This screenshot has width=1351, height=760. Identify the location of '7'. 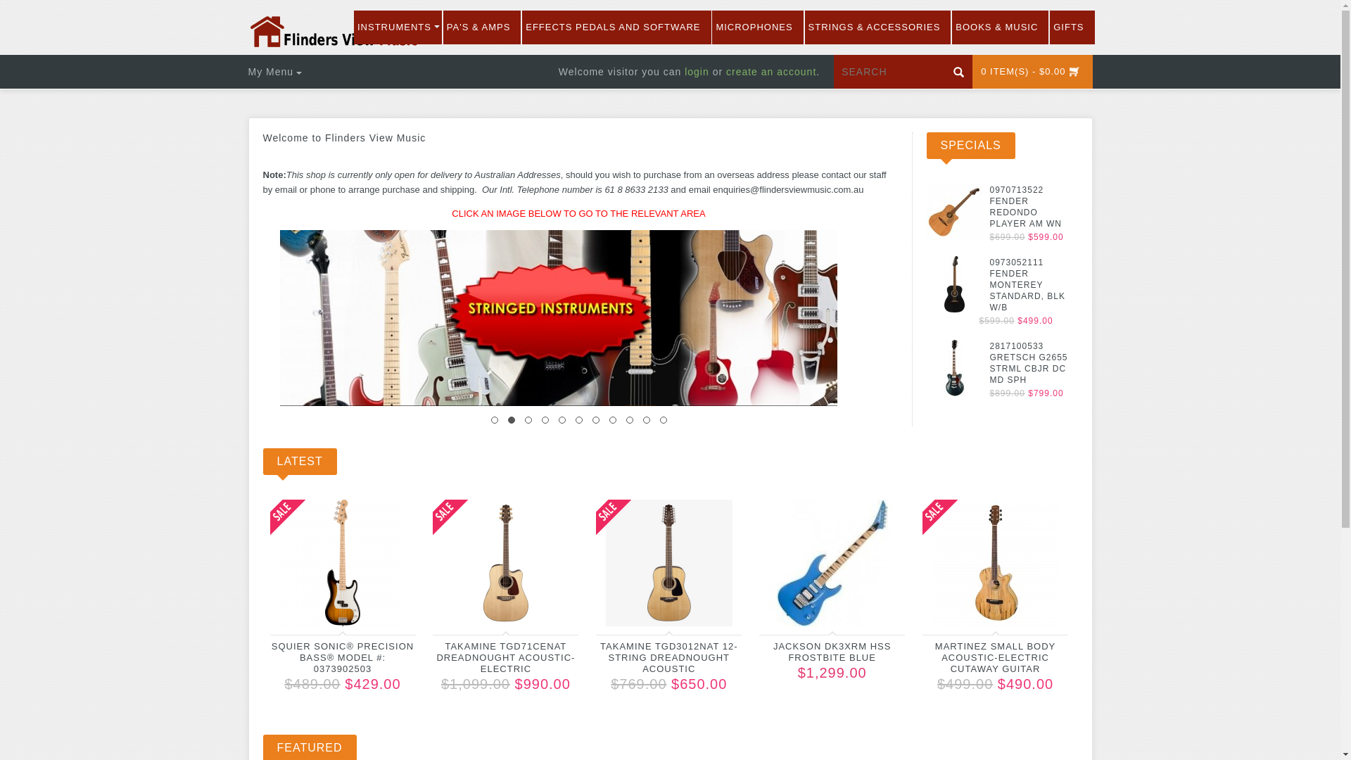
(595, 419).